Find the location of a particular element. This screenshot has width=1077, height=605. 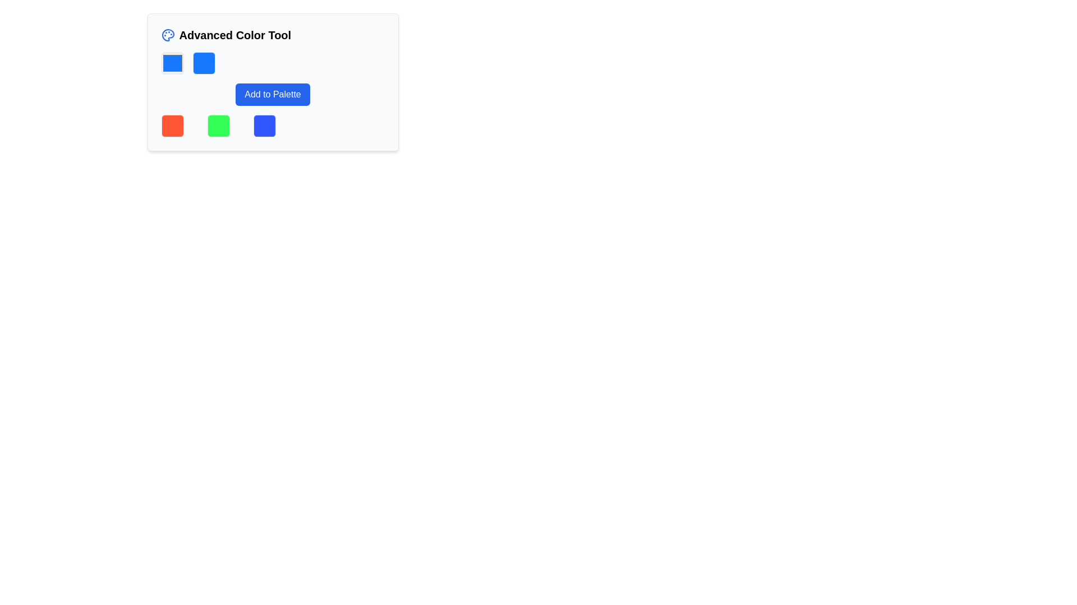

the small circular icon resembling a painter's palette, which is located to the left of the 'Advanced Color Tool' title is located at coordinates (167, 34).